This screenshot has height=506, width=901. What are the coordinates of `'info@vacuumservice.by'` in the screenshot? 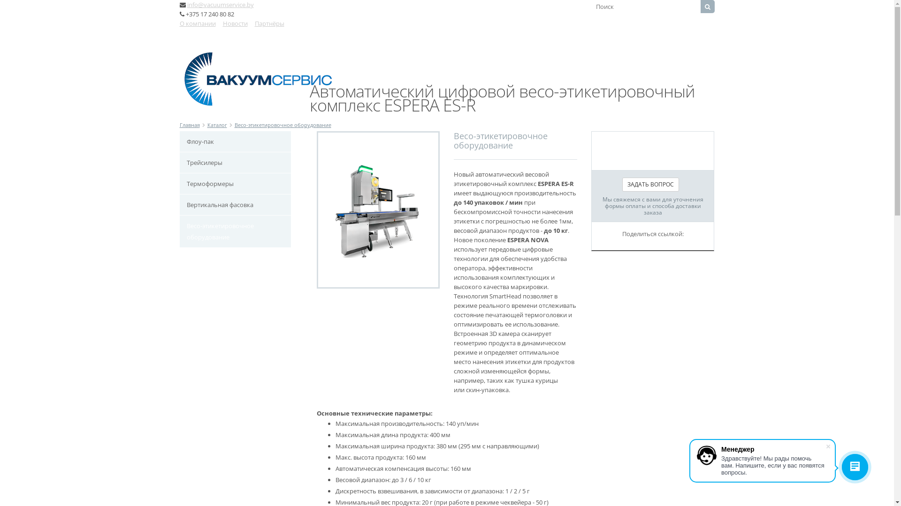 It's located at (187, 5).